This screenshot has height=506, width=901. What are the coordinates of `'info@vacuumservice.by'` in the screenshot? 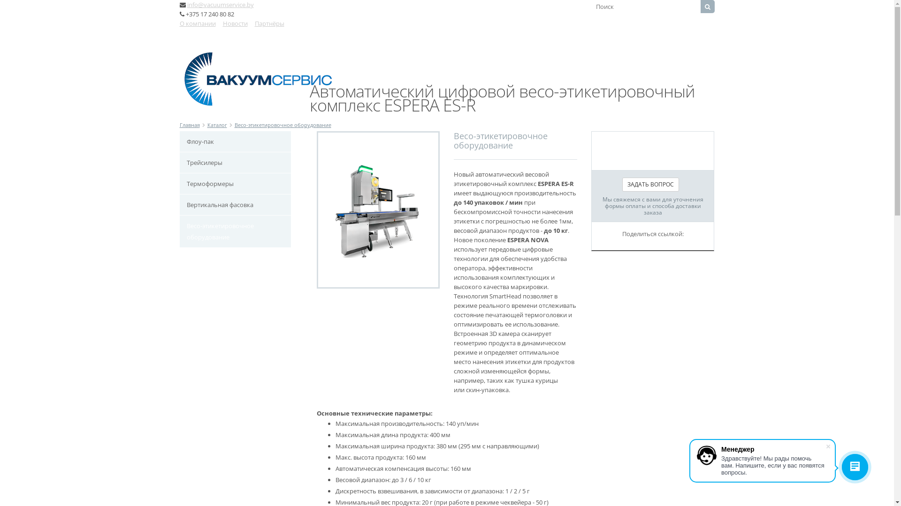 It's located at (187, 5).